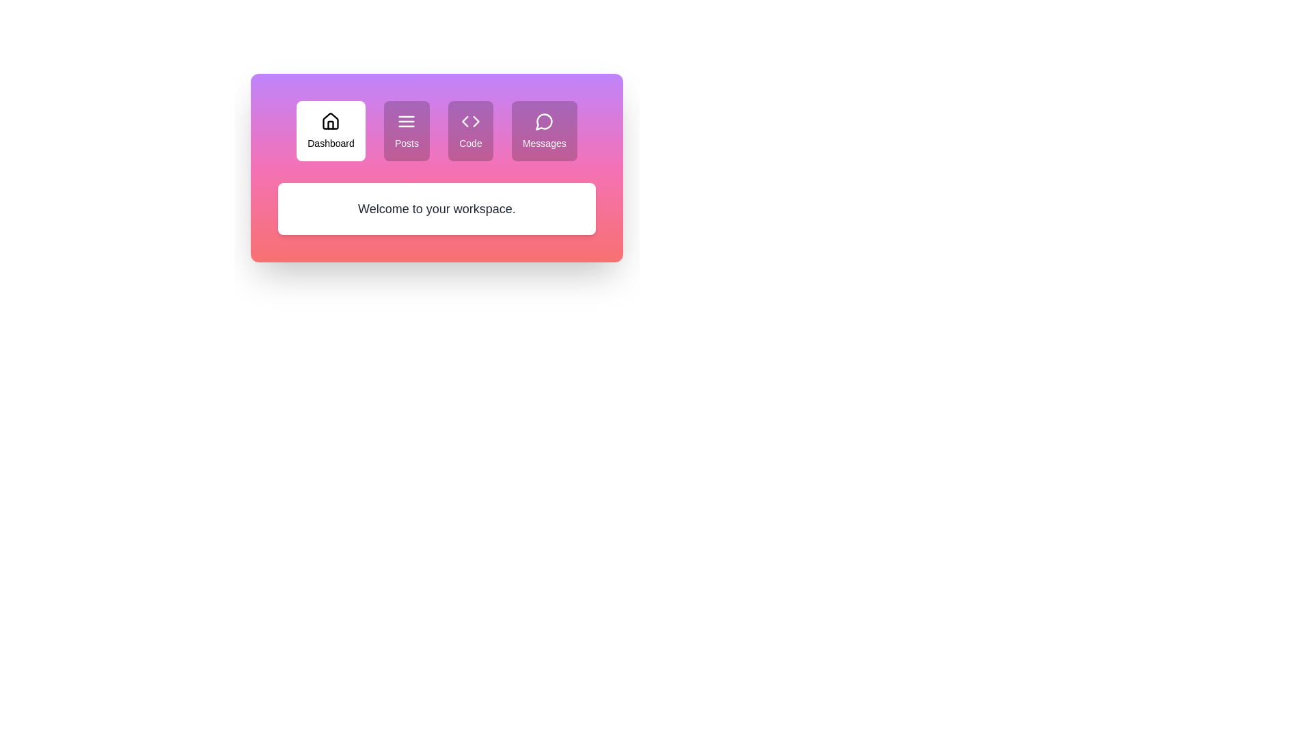  Describe the element at coordinates (331, 131) in the screenshot. I see `the tab labeled Dashboard to observe visual changes` at that location.